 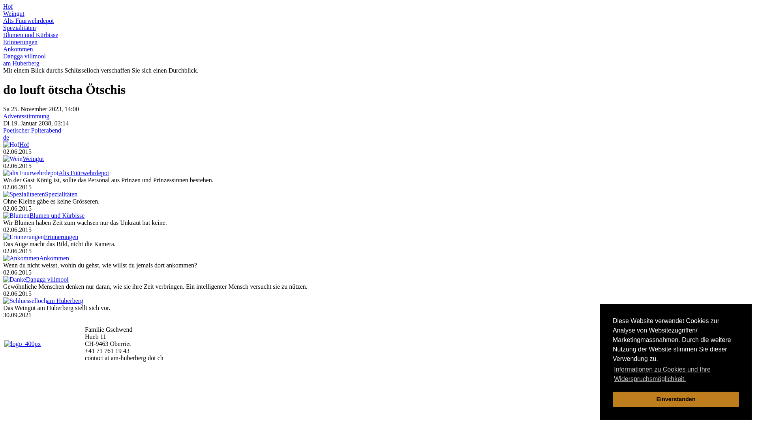 I want to click on 'Hof', so click(x=3, y=144).